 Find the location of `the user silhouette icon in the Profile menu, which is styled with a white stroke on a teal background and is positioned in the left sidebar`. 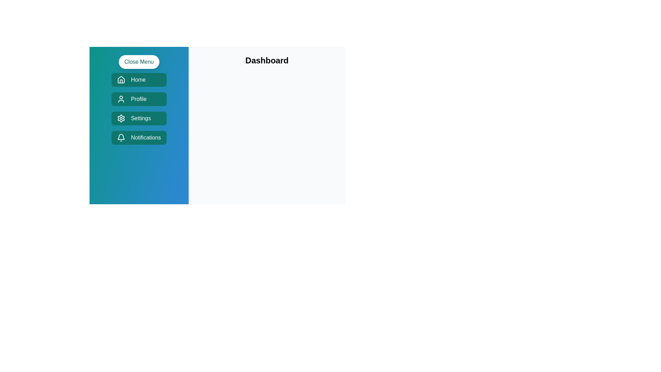

the user silhouette icon in the Profile menu, which is styled with a white stroke on a teal background and is positioned in the left sidebar is located at coordinates (121, 99).